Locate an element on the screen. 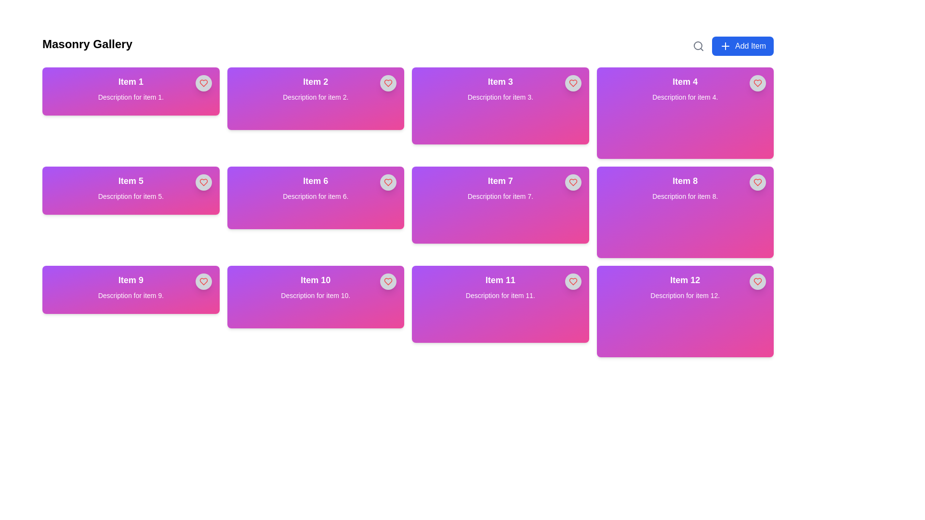 The image size is (925, 520). the 'Add Item' button icon, which indicates an 'Add' action and is located towards the left side of the button text, centered vertically is located at coordinates (726, 46).